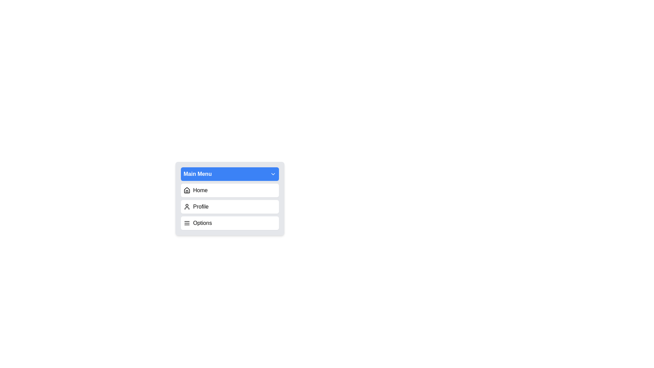 The height and width of the screenshot is (368, 654). Describe the element at coordinates (187, 190) in the screenshot. I see `the home icon, which is a stylized house shape located next to the 'Home' text label in the vertical menu layout` at that location.